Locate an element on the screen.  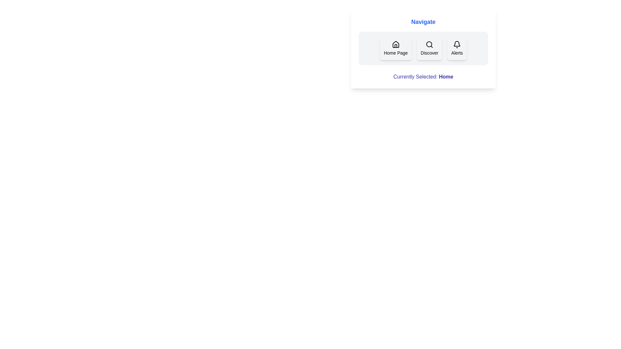
the horizontal navigation menu cards located centrally beneath the header 'Navigate' to observe the hover effects is located at coordinates (423, 48).